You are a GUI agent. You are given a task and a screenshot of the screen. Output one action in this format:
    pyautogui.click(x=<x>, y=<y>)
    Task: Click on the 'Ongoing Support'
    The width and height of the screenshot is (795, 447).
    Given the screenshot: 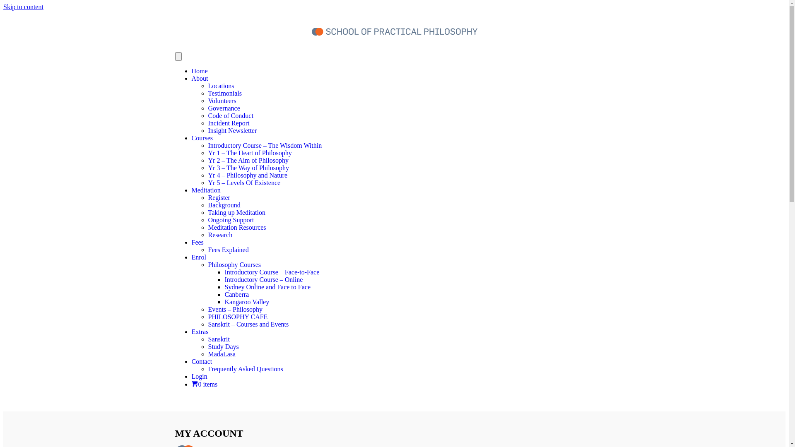 What is the action you would take?
    pyautogui.click(x=231, y=219)
    